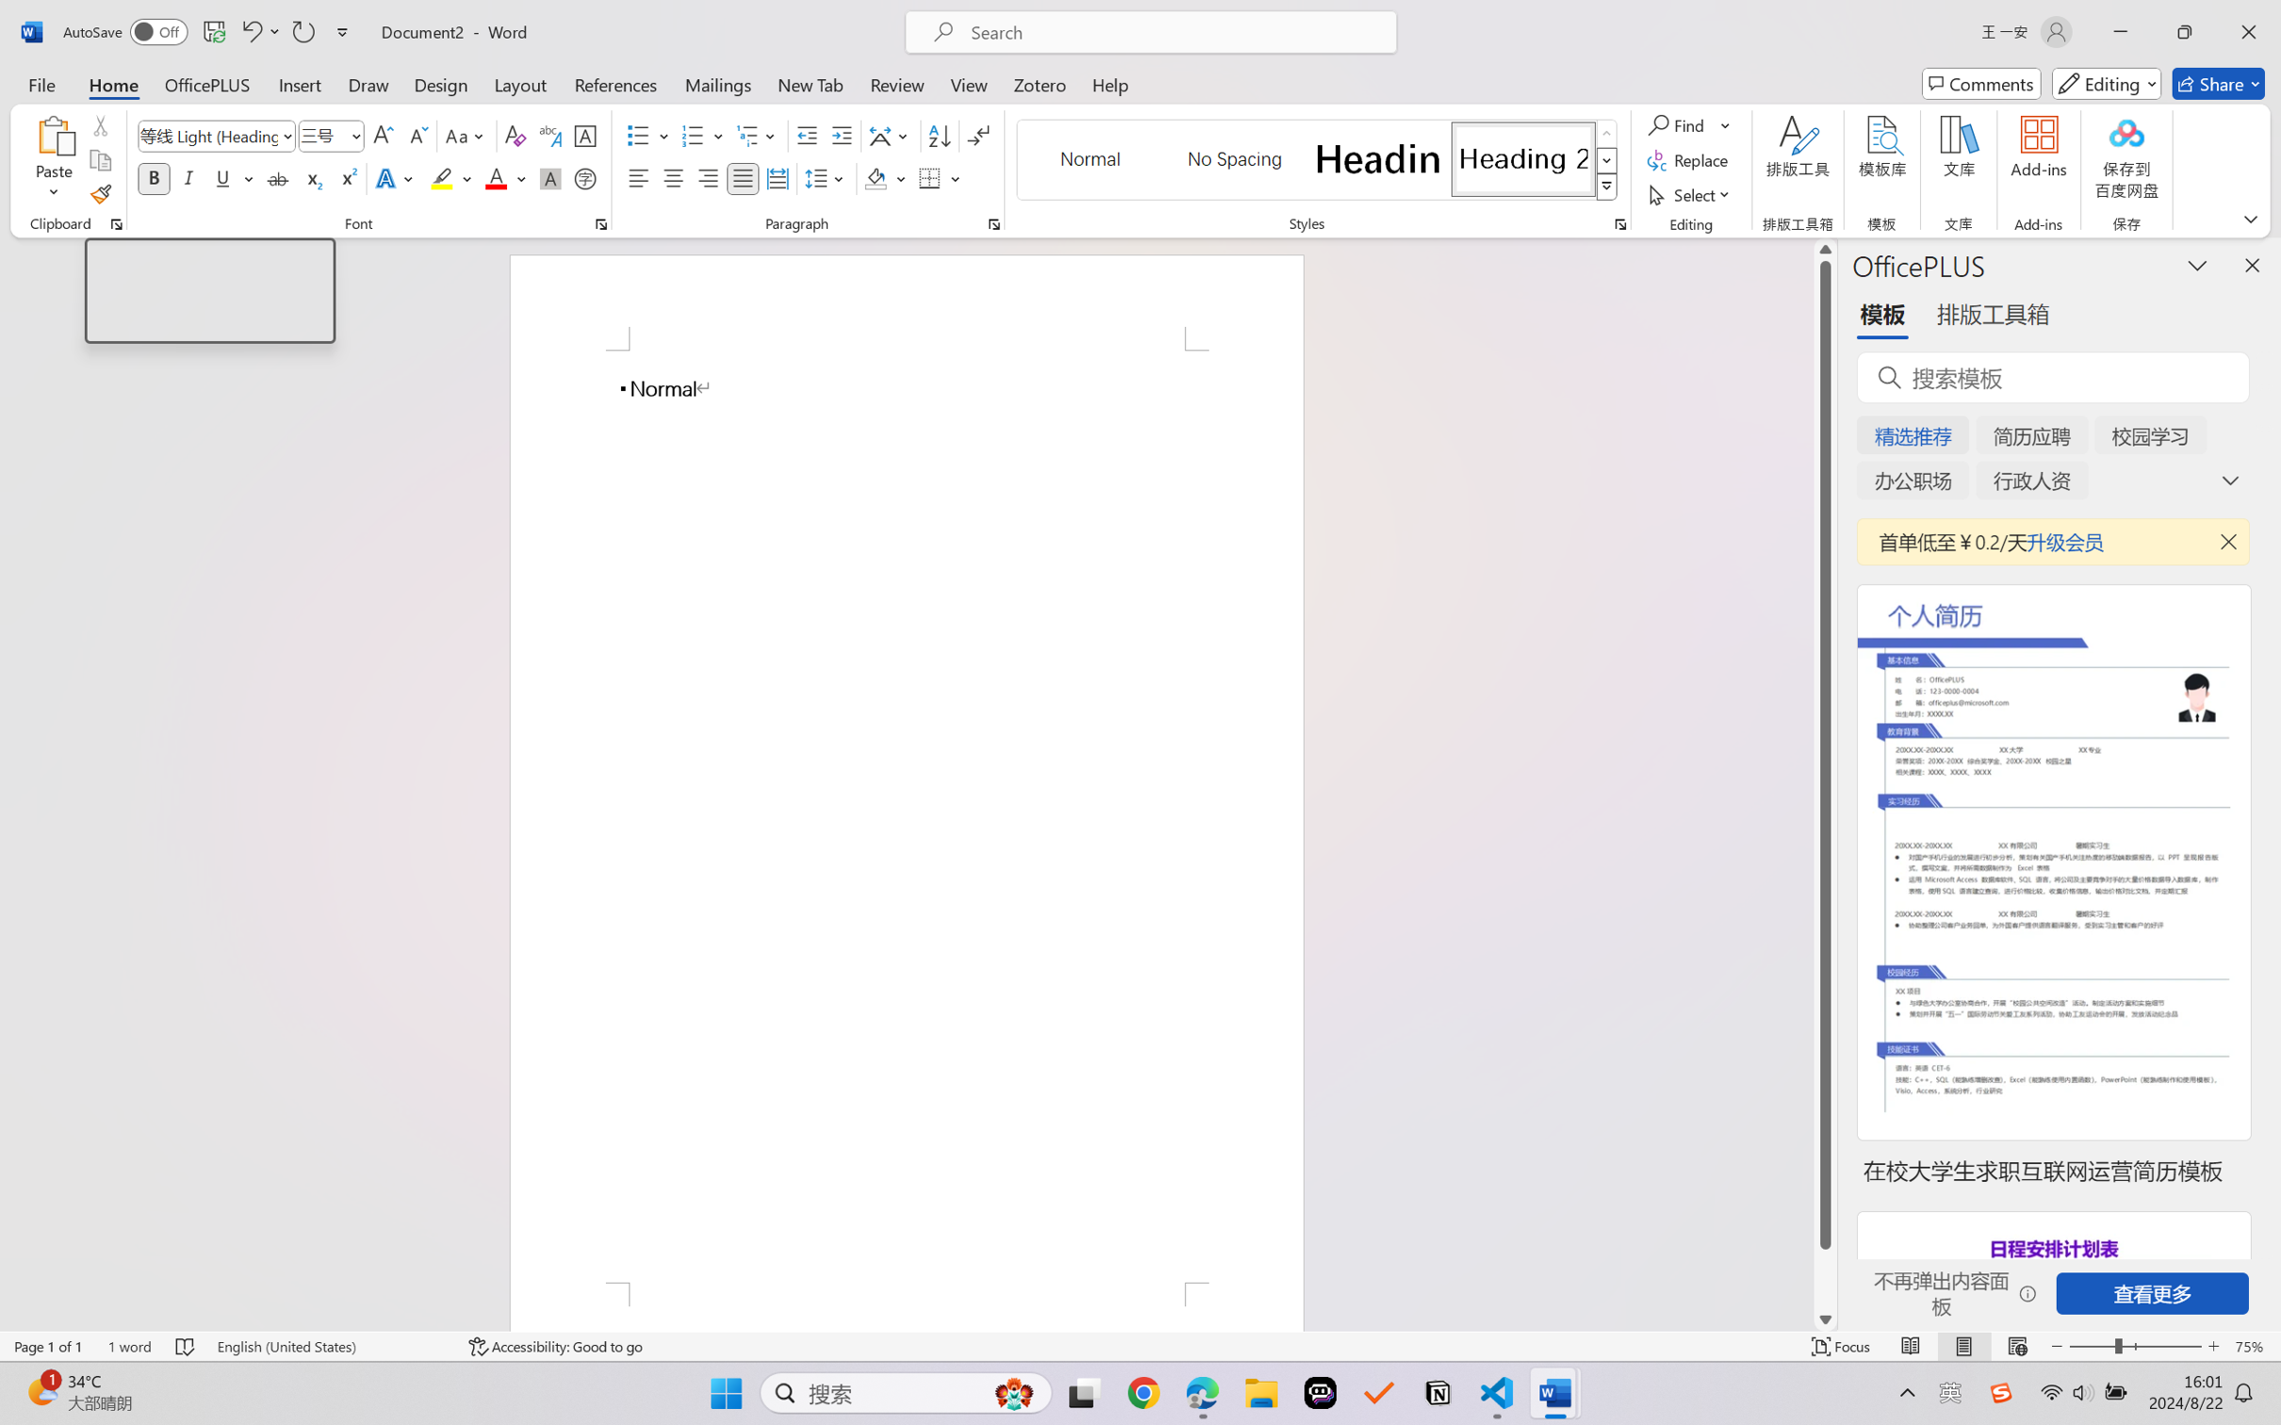 The height and width of the screenshot is (1425, 2281). I want to click on 'Clear Formatting', so click(514, 136).